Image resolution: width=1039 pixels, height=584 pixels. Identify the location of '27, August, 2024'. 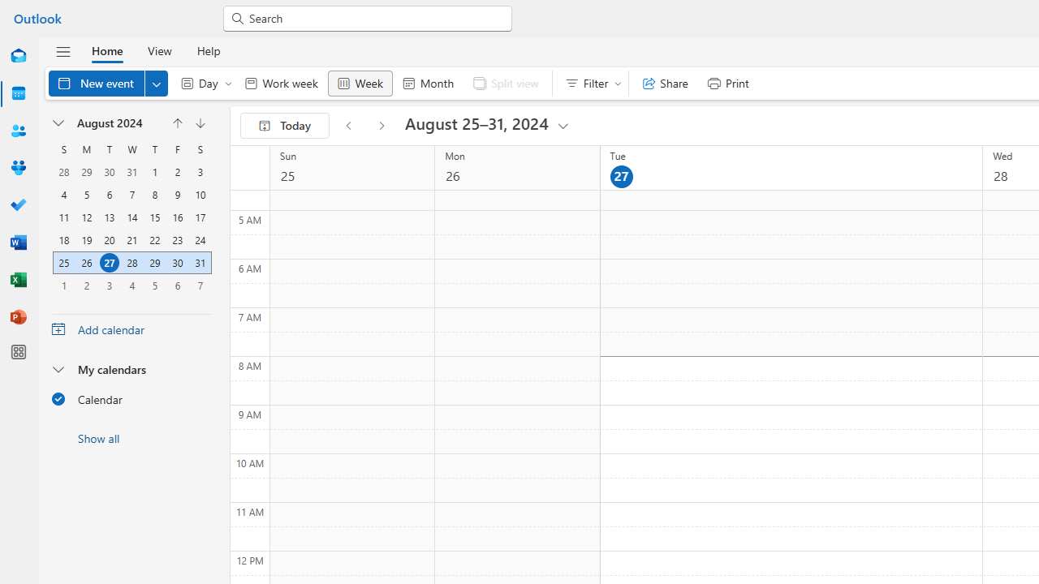
(109, 262).